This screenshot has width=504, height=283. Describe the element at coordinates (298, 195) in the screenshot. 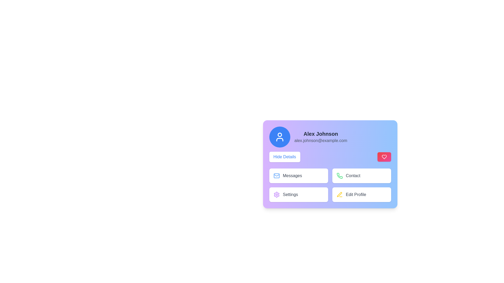

I see `the Settings button located in the bottom-left position of a 2x2 grid layout` at that location.